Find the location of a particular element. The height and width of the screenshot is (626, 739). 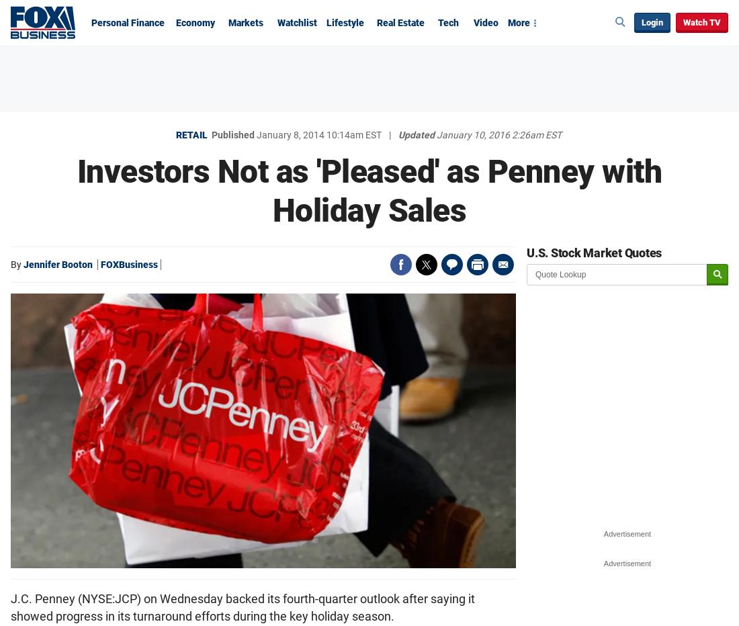

'January 10, 2016 2:26am EST' is located at coordinates (497, 135).